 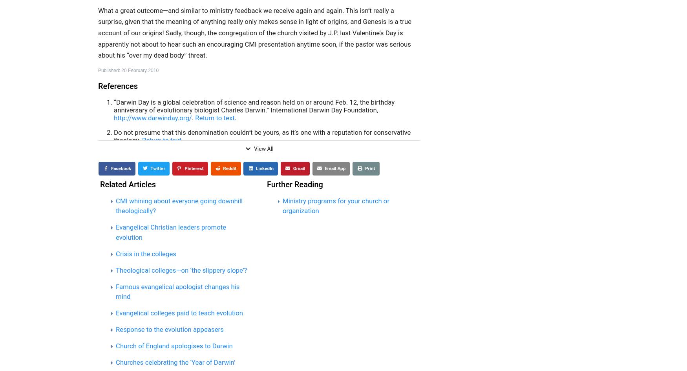 What do you see at coordinates (260, 188) in the screenshot?
I see `'Nearly 12,000 pastors worldwide have now signed up to the
scheme—Evolution Weekend, The Clergy Letter Project,'` at bounding box center [260, 188].